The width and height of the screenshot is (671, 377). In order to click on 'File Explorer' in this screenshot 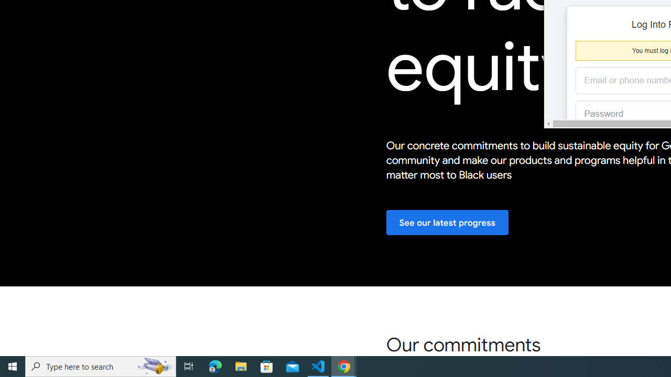, I will do `click(241, 365)`.